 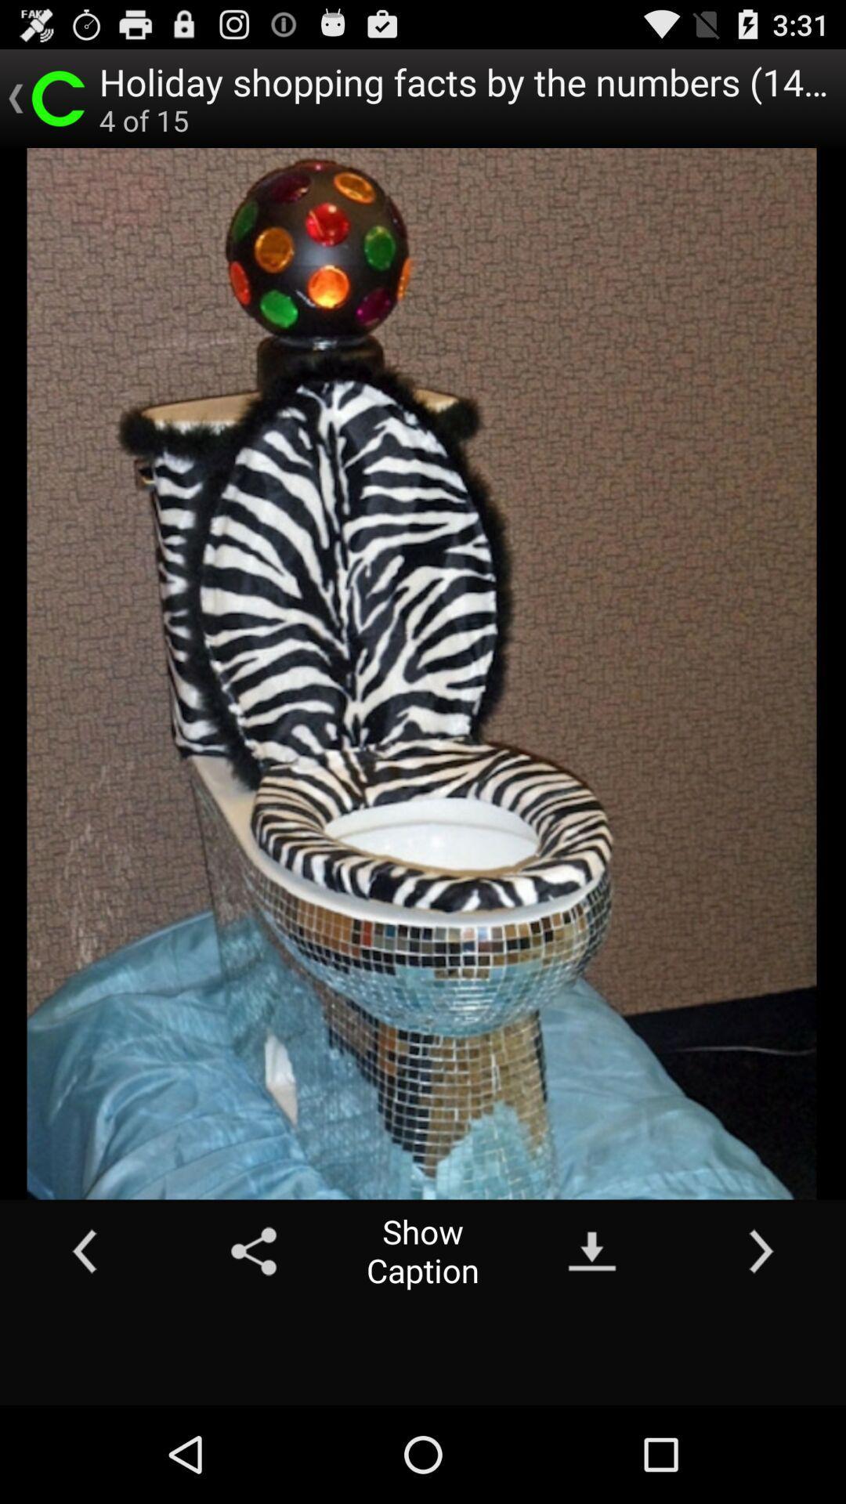 I want to click on the arrow_forward icon, so click(x=761, y=1338).